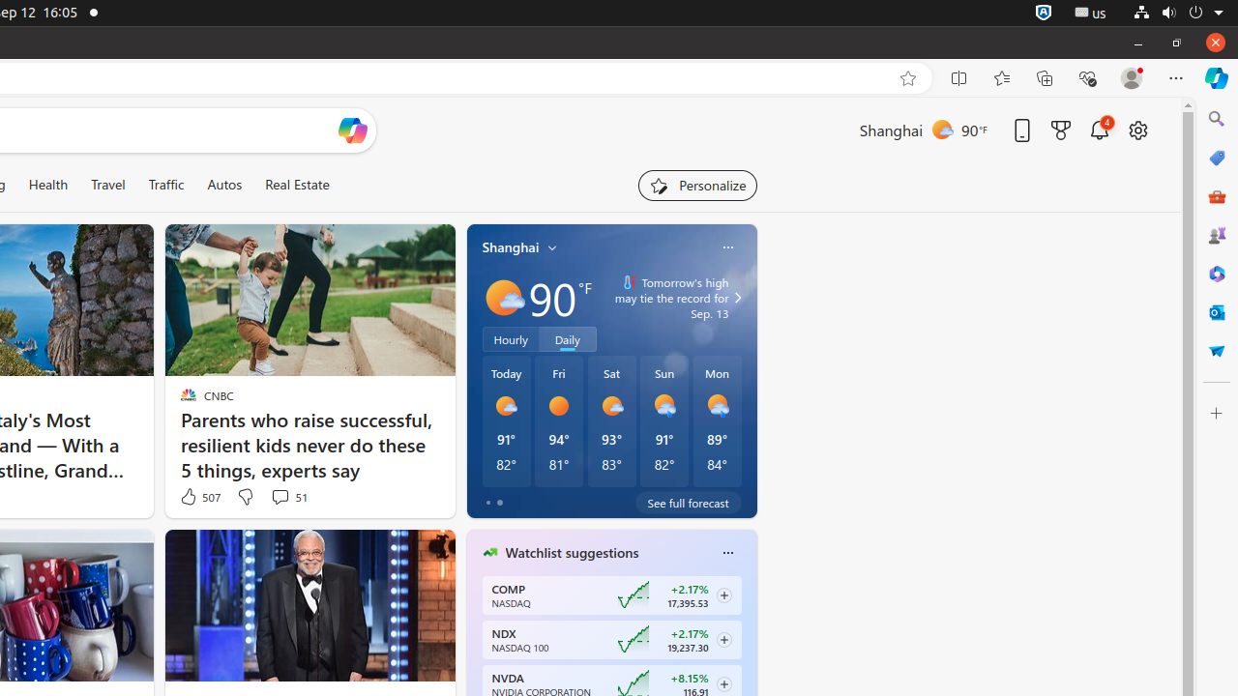 This screenshot has width=1238, height=696. I want to click on 'Health', so click(48, 185).